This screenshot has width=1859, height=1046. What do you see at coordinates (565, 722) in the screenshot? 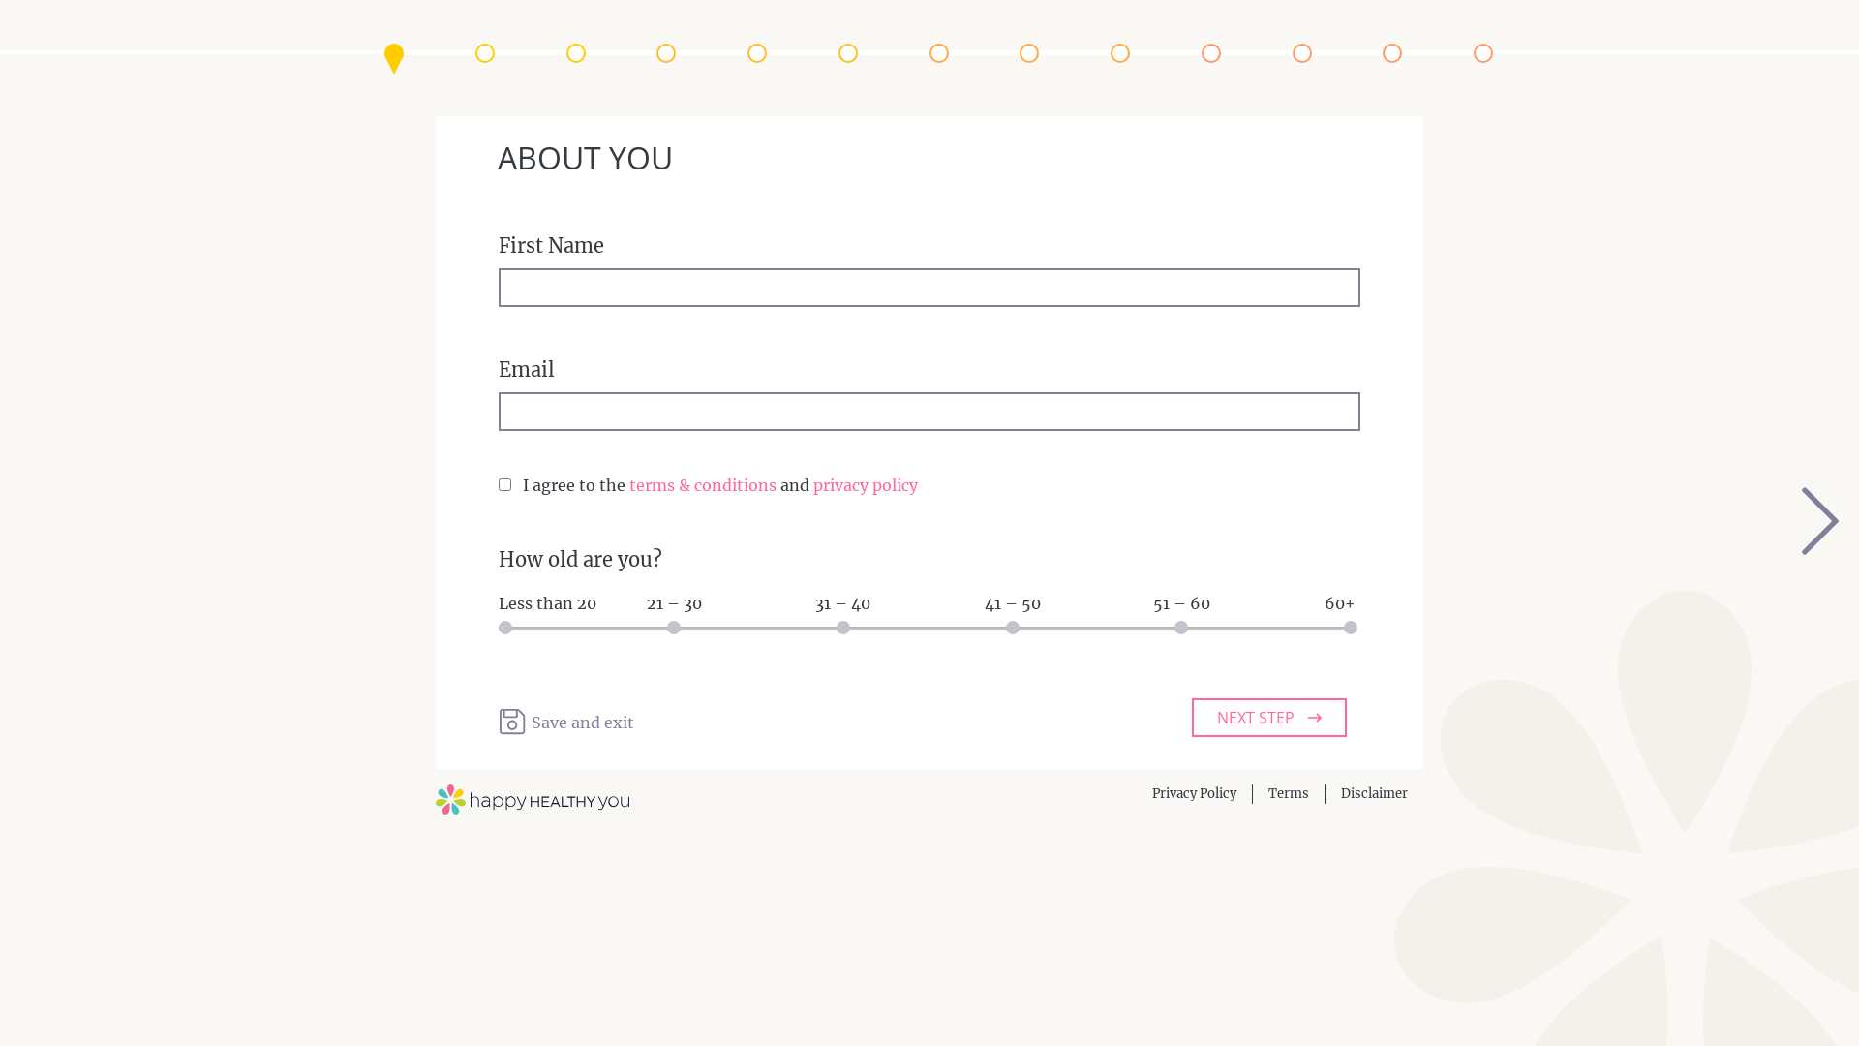
I see `'Save and exit Save and exit'` at bounding box center [565, 722].